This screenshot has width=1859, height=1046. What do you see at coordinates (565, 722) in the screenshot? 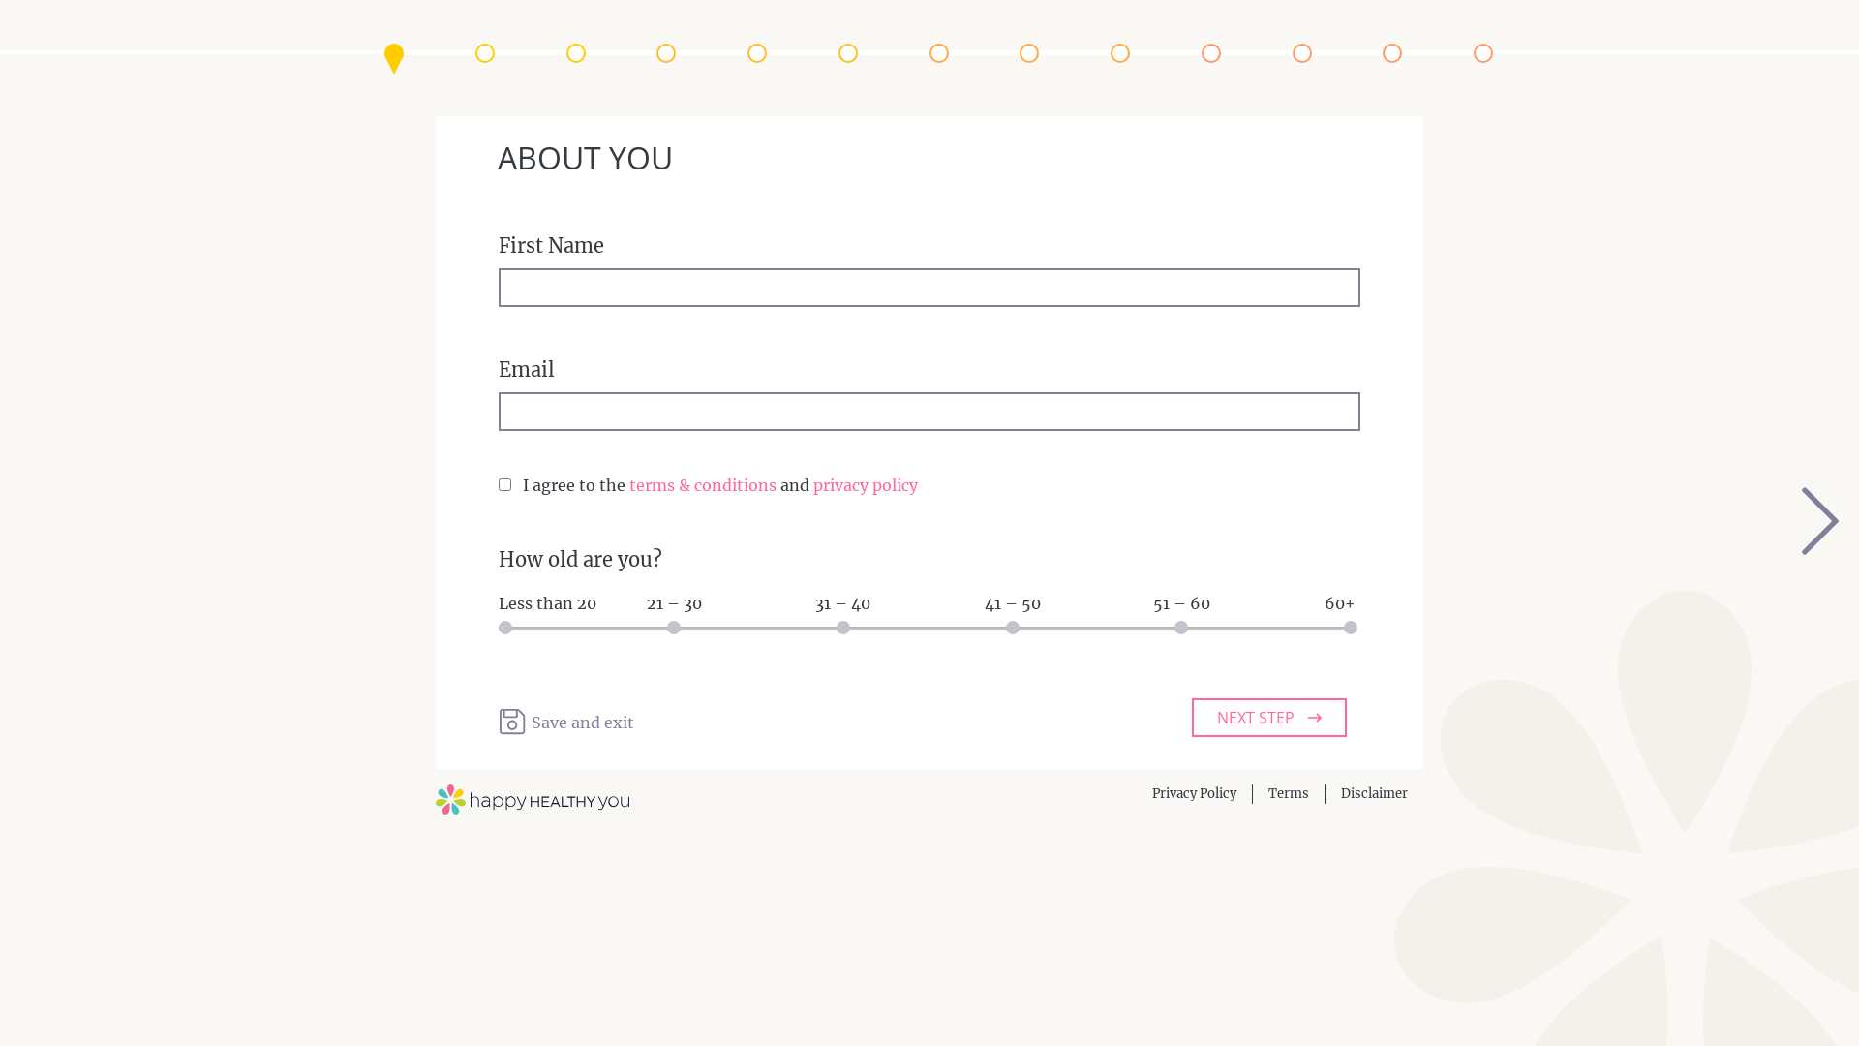
I see `'Save and exit Save and exit'` at bounding box center [565, 722].